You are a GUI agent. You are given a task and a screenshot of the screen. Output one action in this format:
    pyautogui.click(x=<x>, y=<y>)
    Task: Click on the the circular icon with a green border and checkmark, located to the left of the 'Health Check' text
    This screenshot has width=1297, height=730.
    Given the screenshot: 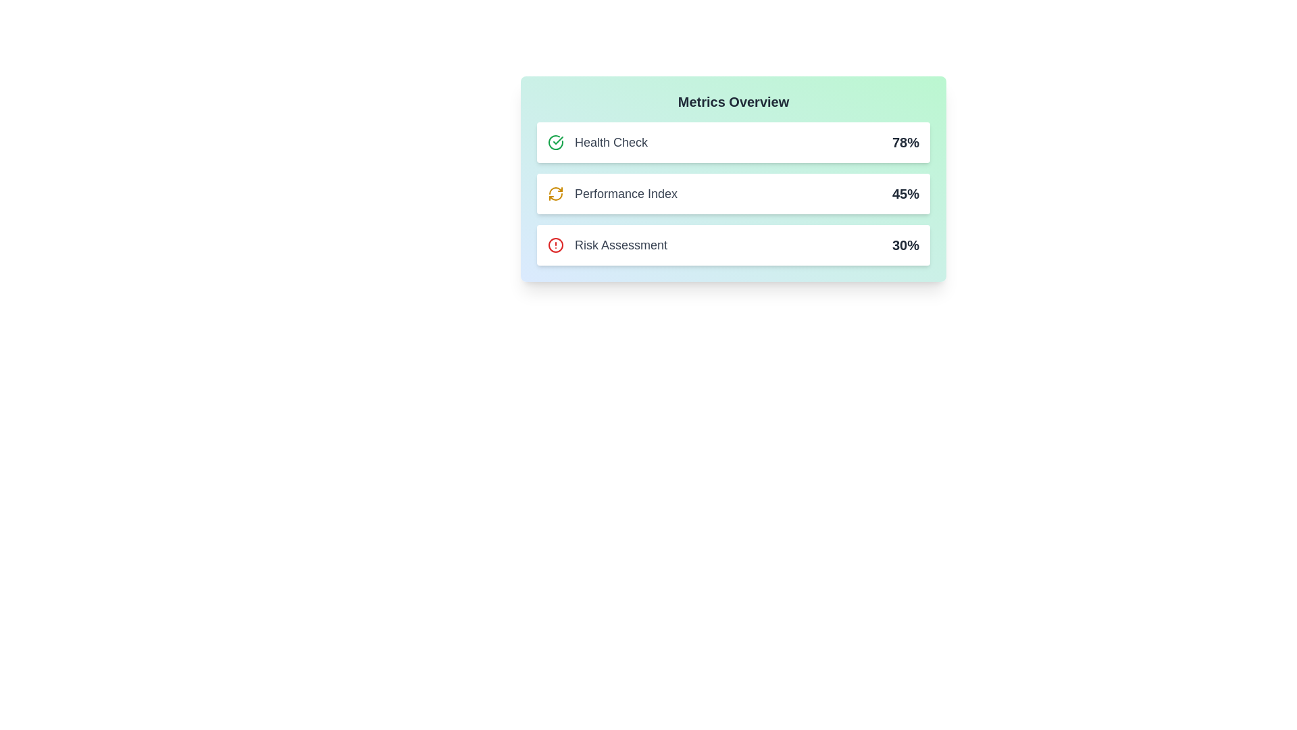 What is the action you would take?
    pyautogui.click(x=555, y=143)
    